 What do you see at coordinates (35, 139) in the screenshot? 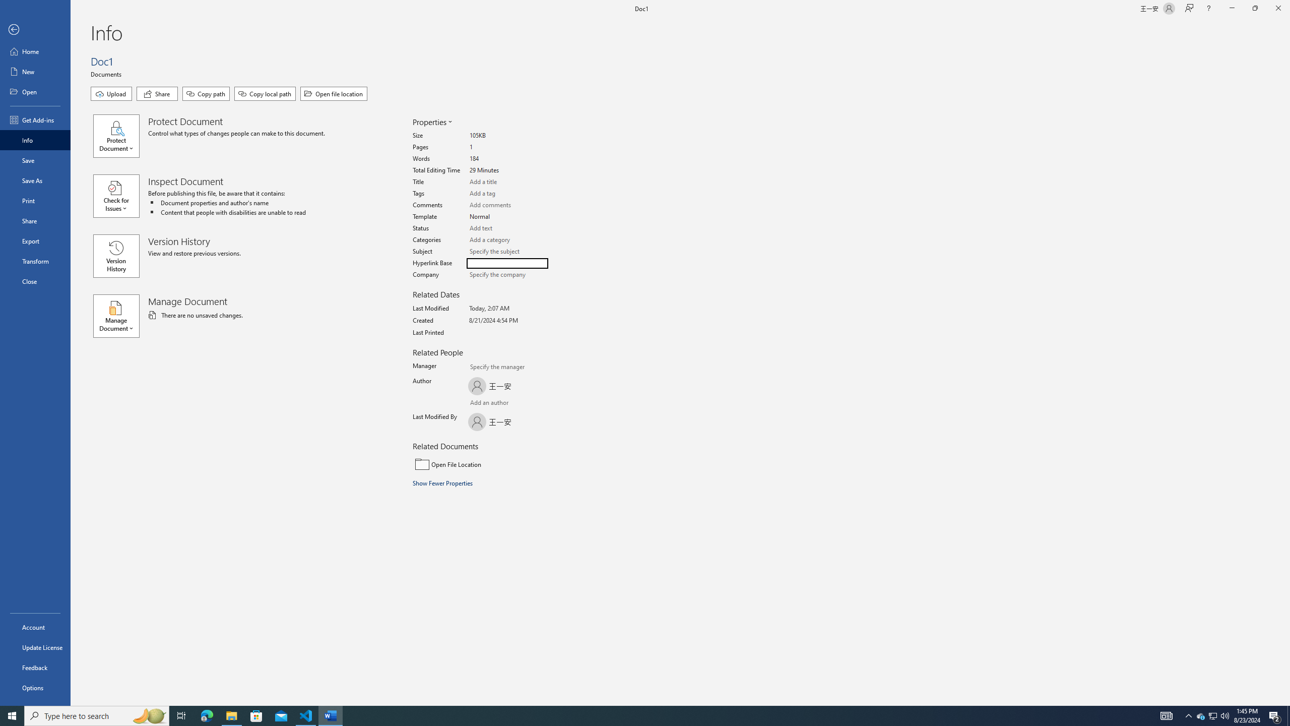
I see `'Info'` at bounding box center [35, 139].